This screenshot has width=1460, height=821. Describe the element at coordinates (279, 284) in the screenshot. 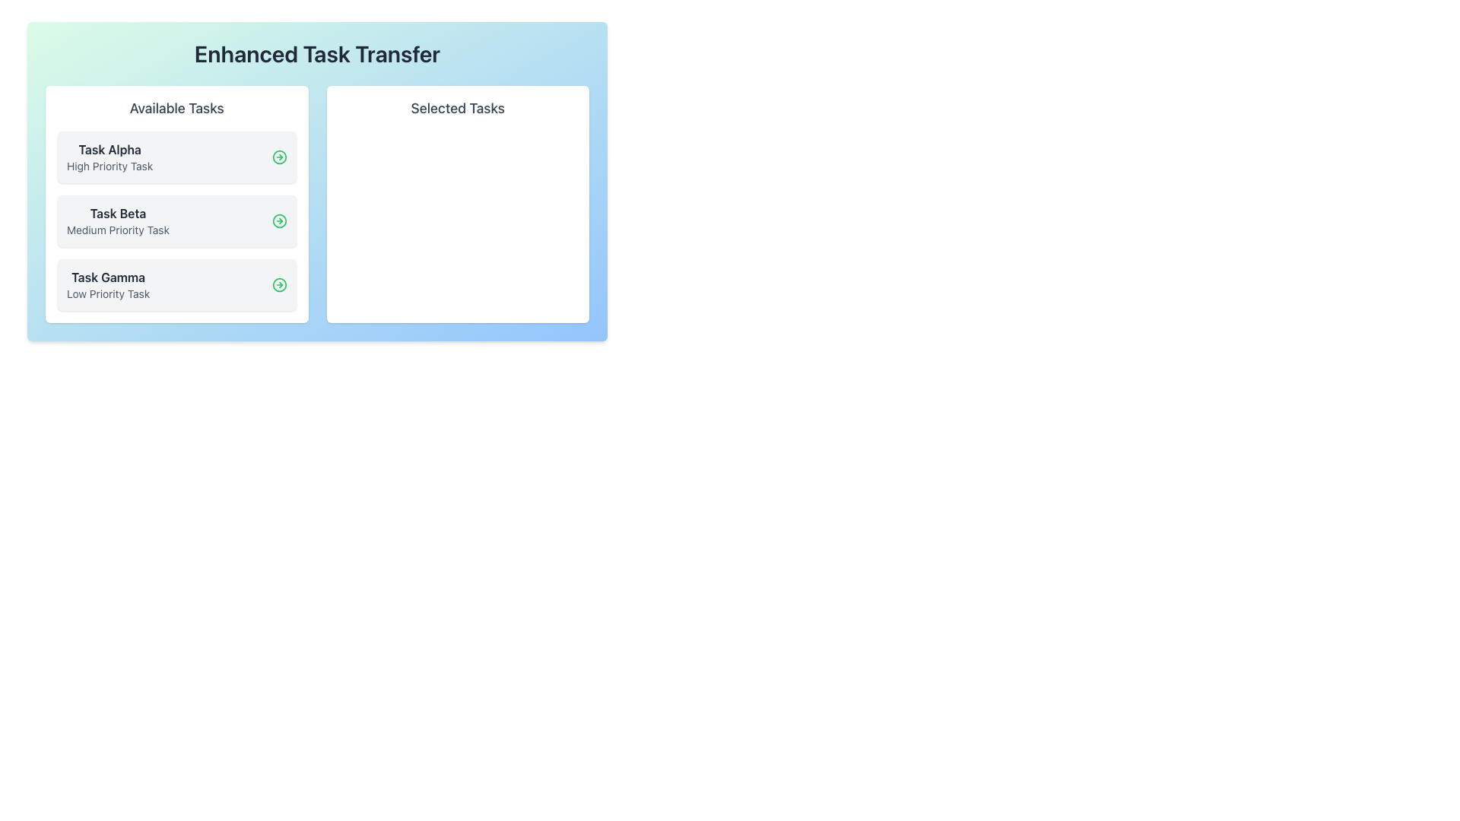

I see `the circular icon button with a green outline and a right-pointing arrow located in the lower-right corner of the 'Task Gamma' card` at that location.